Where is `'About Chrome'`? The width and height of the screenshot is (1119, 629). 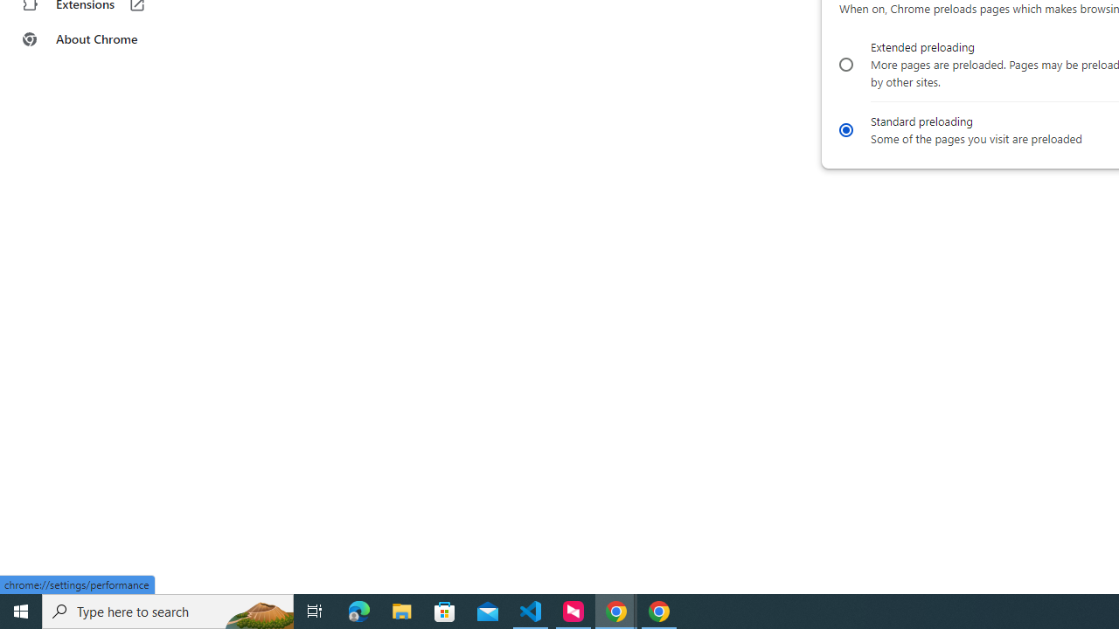
'About Chrome' is located at coordinates (108, 39).